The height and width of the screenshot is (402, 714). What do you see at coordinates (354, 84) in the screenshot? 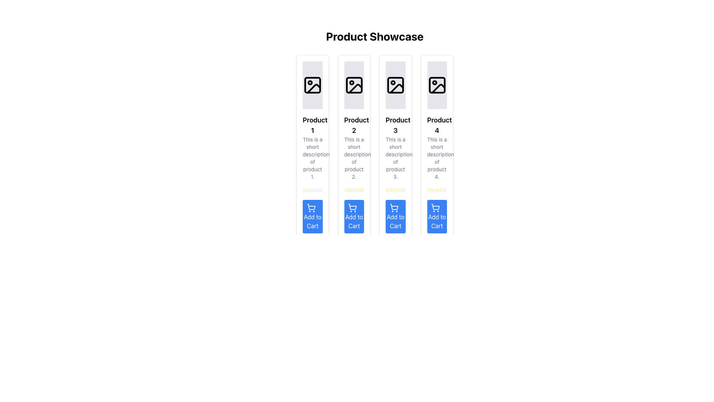
I see `the product image icon located in the second product card, positioned above the product title 'Product 2'` at bounding box center [354, 84].